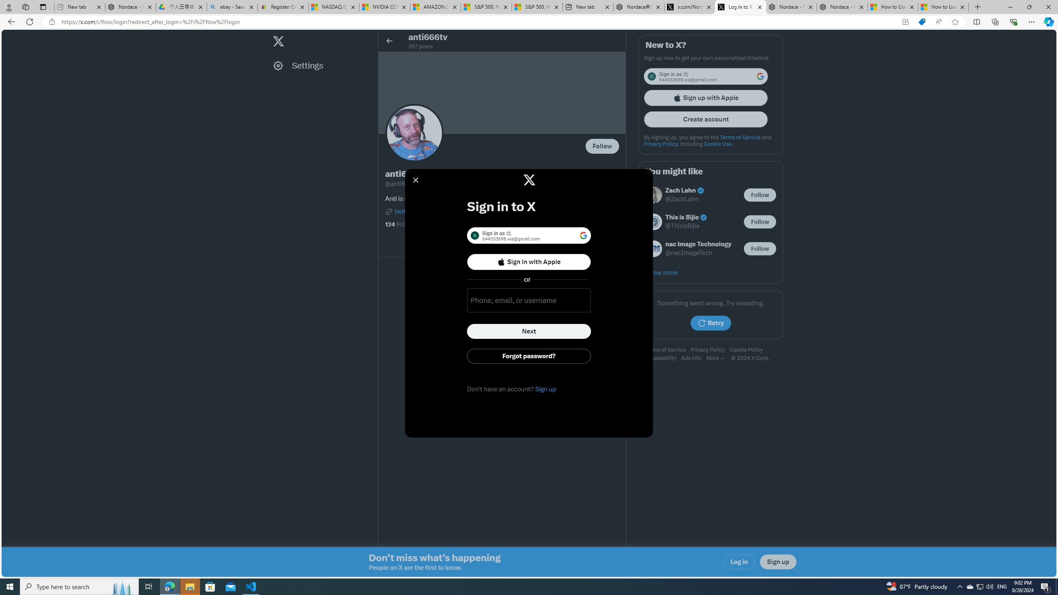 The width and height of the screenshot is (1058, 595). Describe the element at coordinates (977, 21) in the screenshot. I see `'Split screen'` at that location.